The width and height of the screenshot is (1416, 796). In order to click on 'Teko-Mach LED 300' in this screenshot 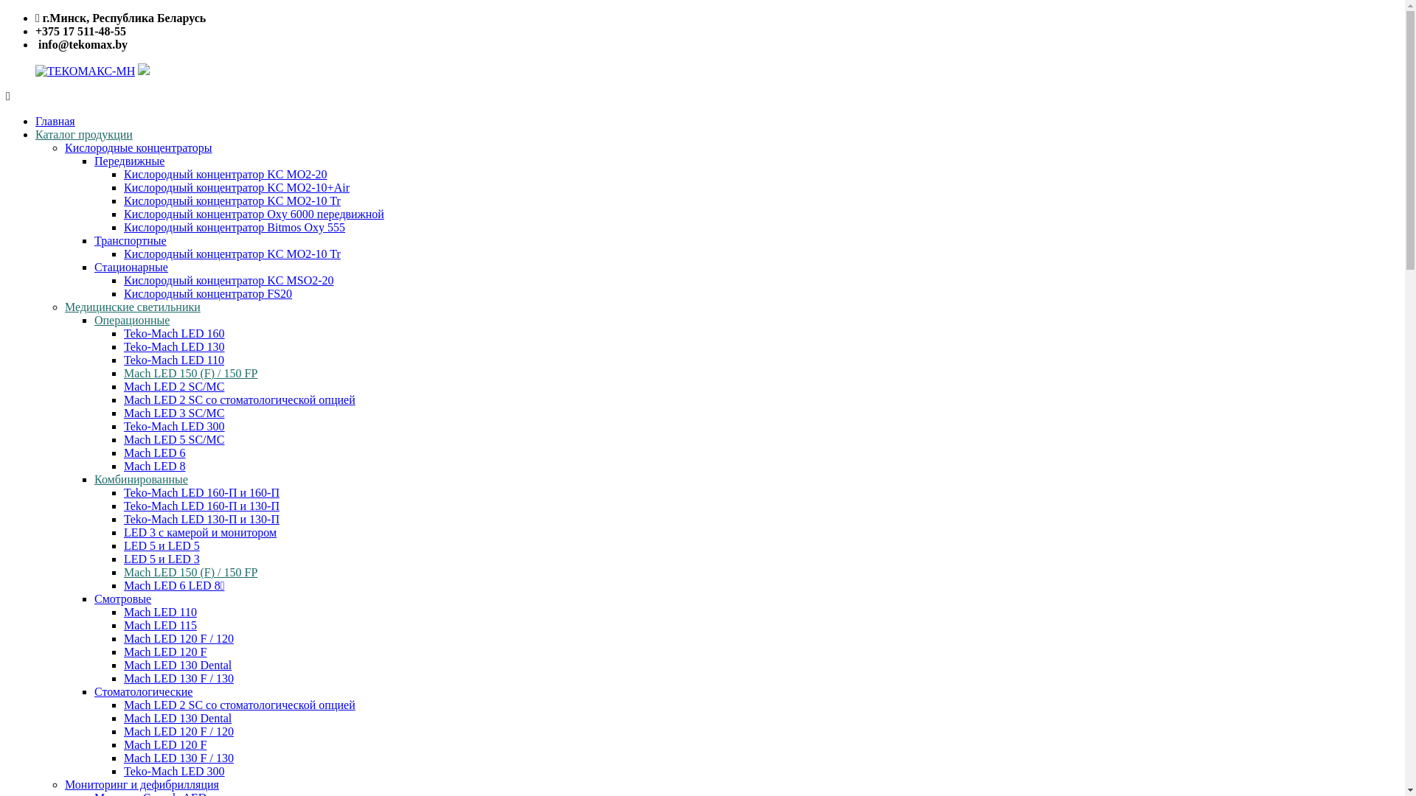, I will do `click(174, 426)`.